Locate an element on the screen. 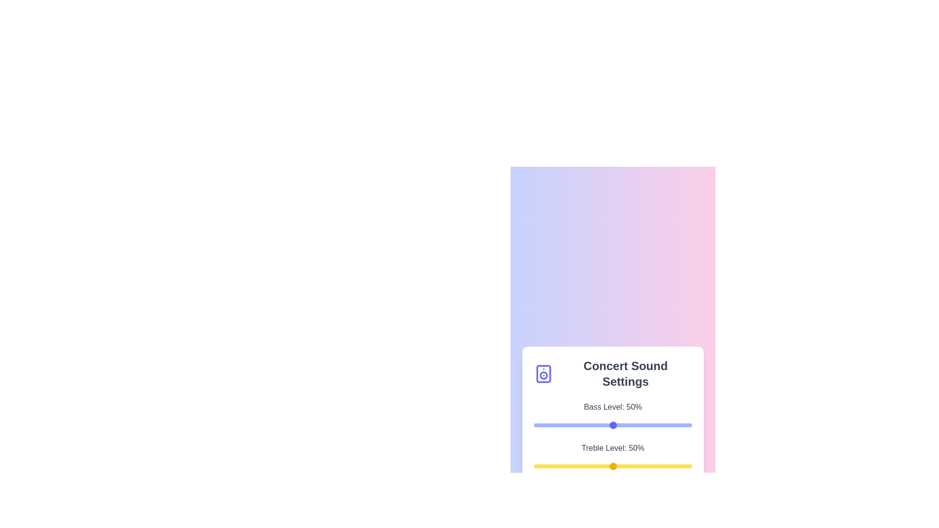 The image size is (939, 528). the treble level to 77% by interacting with the slider is located at coordinates (655, 465).